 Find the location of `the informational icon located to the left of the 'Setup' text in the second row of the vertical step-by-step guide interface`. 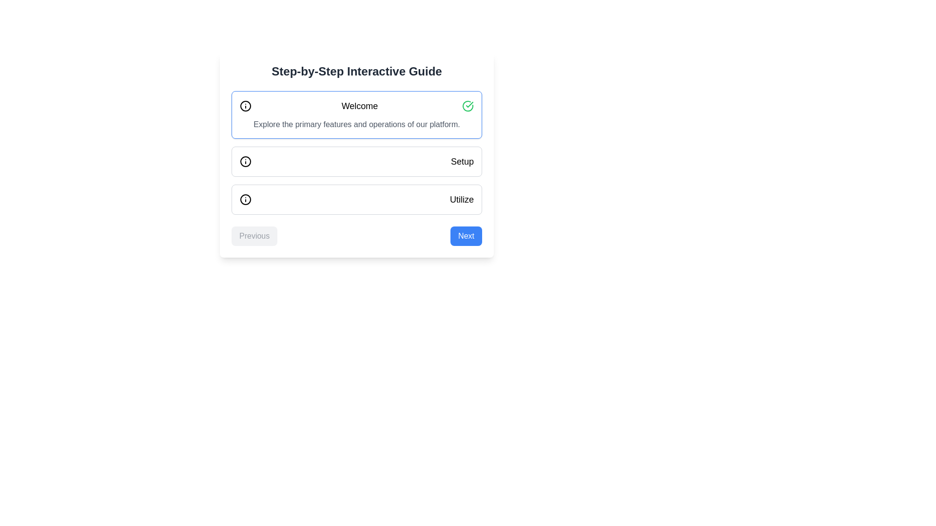

the informational icon located to the left of the 'Setup' text in the second row of the vertical step-by-step guide interface is located at coordinates (246, 161).